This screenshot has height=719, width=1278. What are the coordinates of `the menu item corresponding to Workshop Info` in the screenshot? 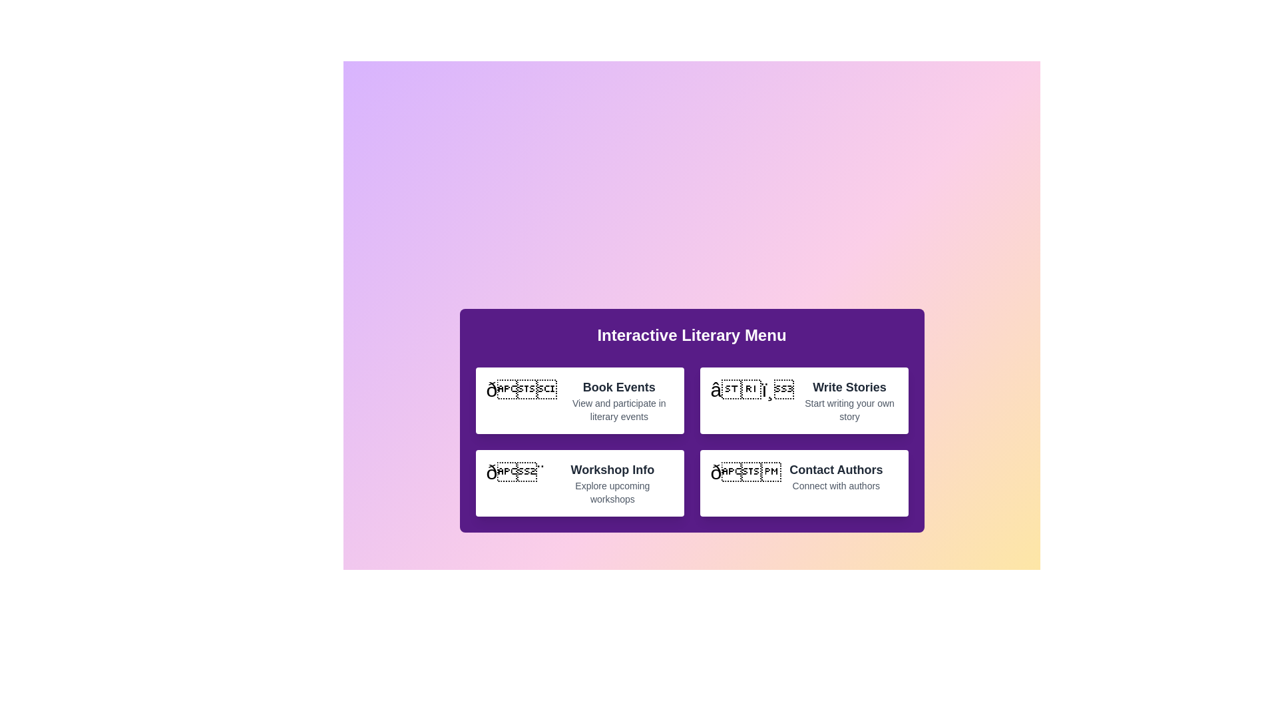 It's located at (579, 483).